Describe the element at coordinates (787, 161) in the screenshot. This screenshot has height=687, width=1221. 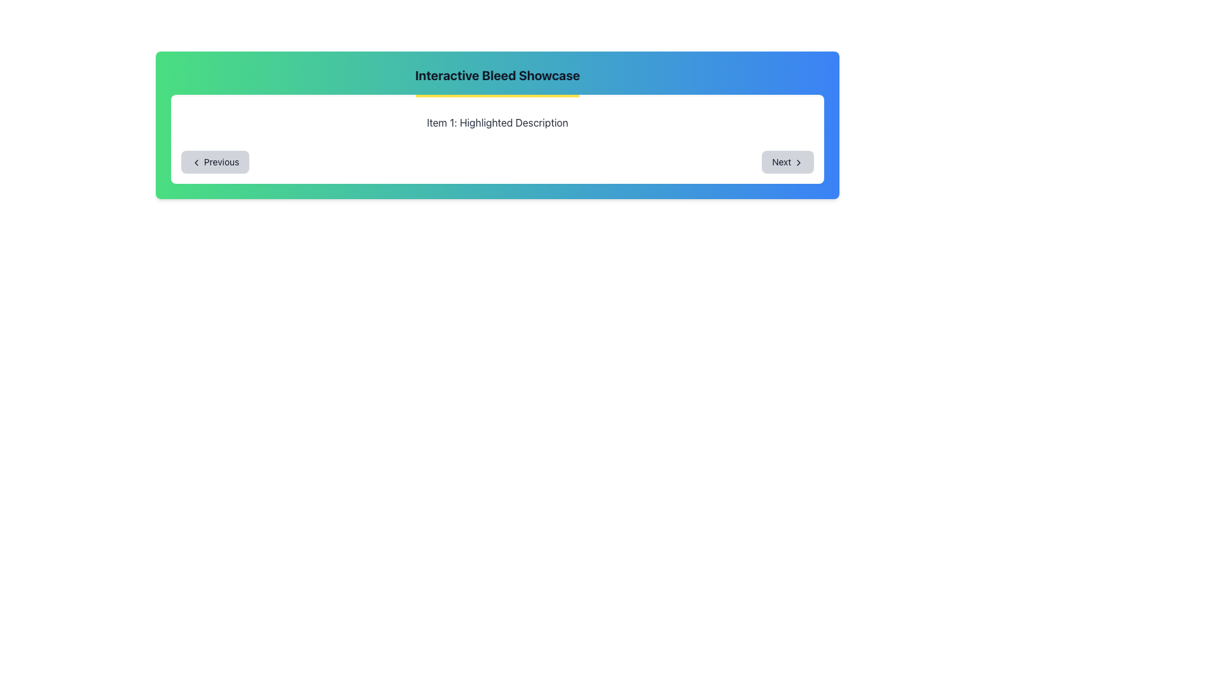
I see `the 'Next' button with rounded corners, labeled in bold dark text, to activate its hover effect` at that location.